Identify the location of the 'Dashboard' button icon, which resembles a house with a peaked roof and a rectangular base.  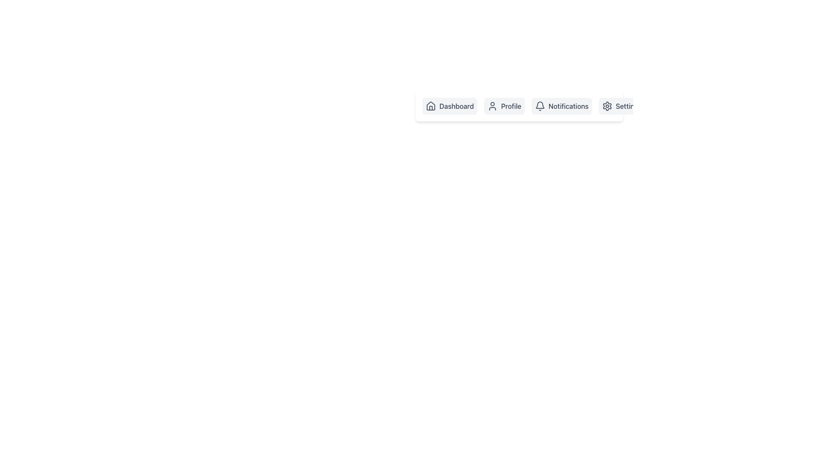
(431, 105).